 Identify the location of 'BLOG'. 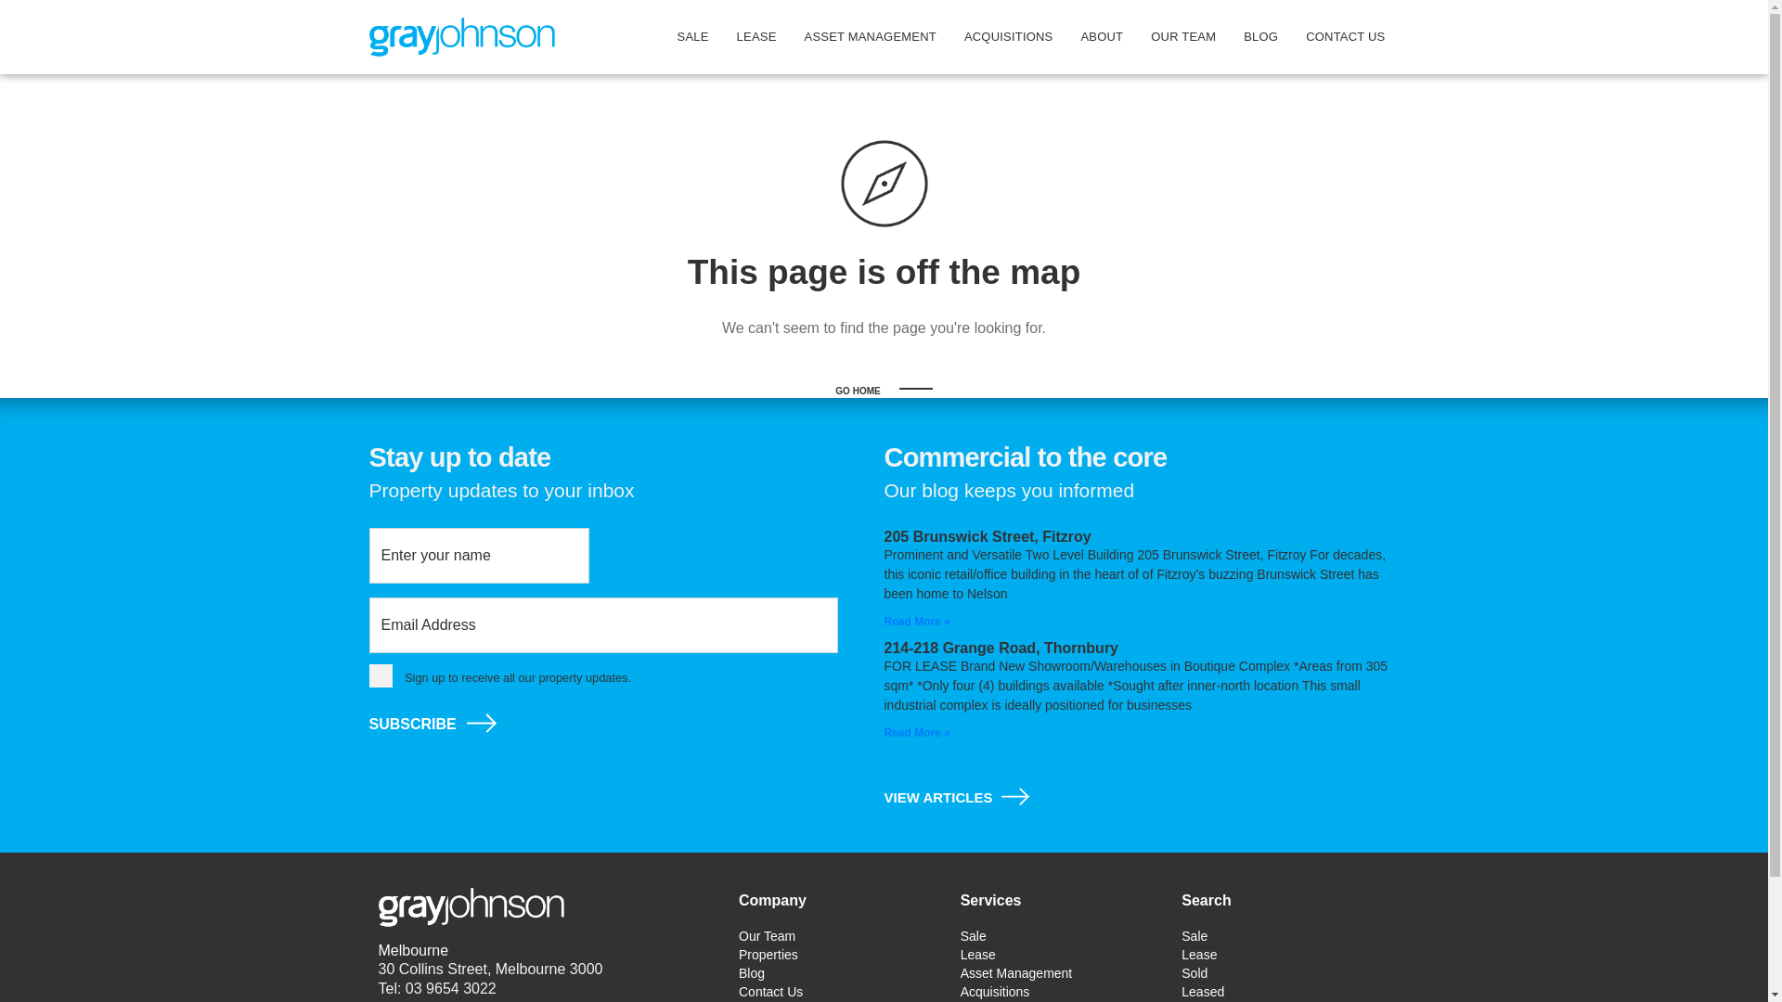
(1260, 36).